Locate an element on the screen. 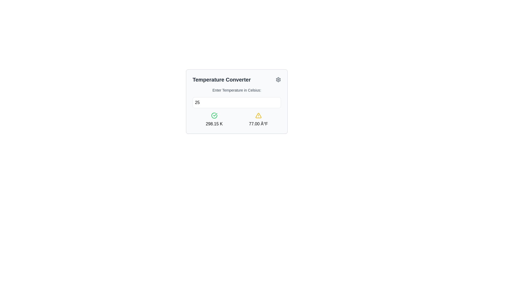 Image resolution: width=508 pixels, height=285 pixels. yellow triangular warning icon located to the right of the numeric temperature input box in the Fahrenheit result row is located at coordinates (258, 115).